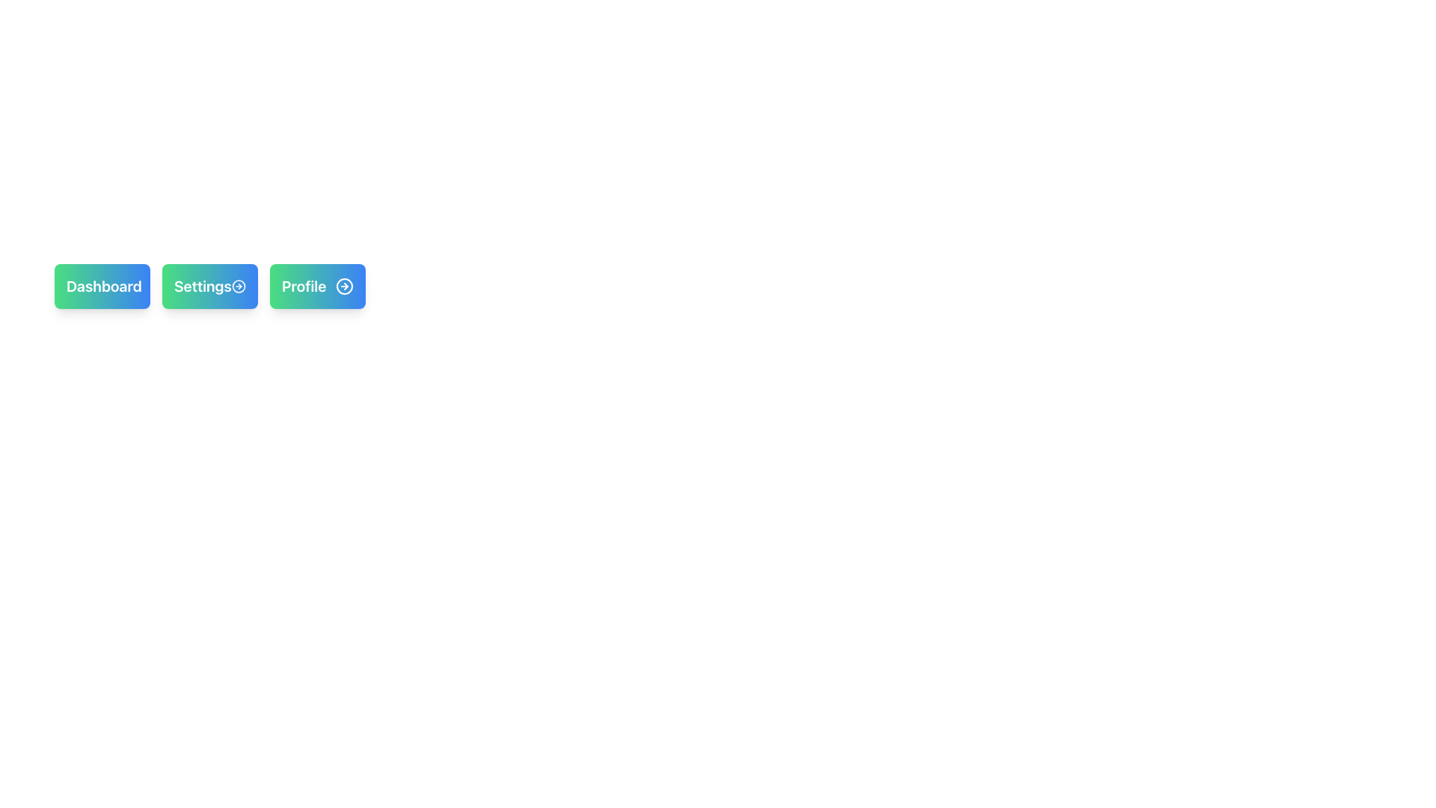  Describe the element at coordinates (102, 286) in the screenshot. I see `the 'Dashboard' button-like navigation card, which features bold white text on a gradient background from green to blue, located at the top-left of the layout` at that location.